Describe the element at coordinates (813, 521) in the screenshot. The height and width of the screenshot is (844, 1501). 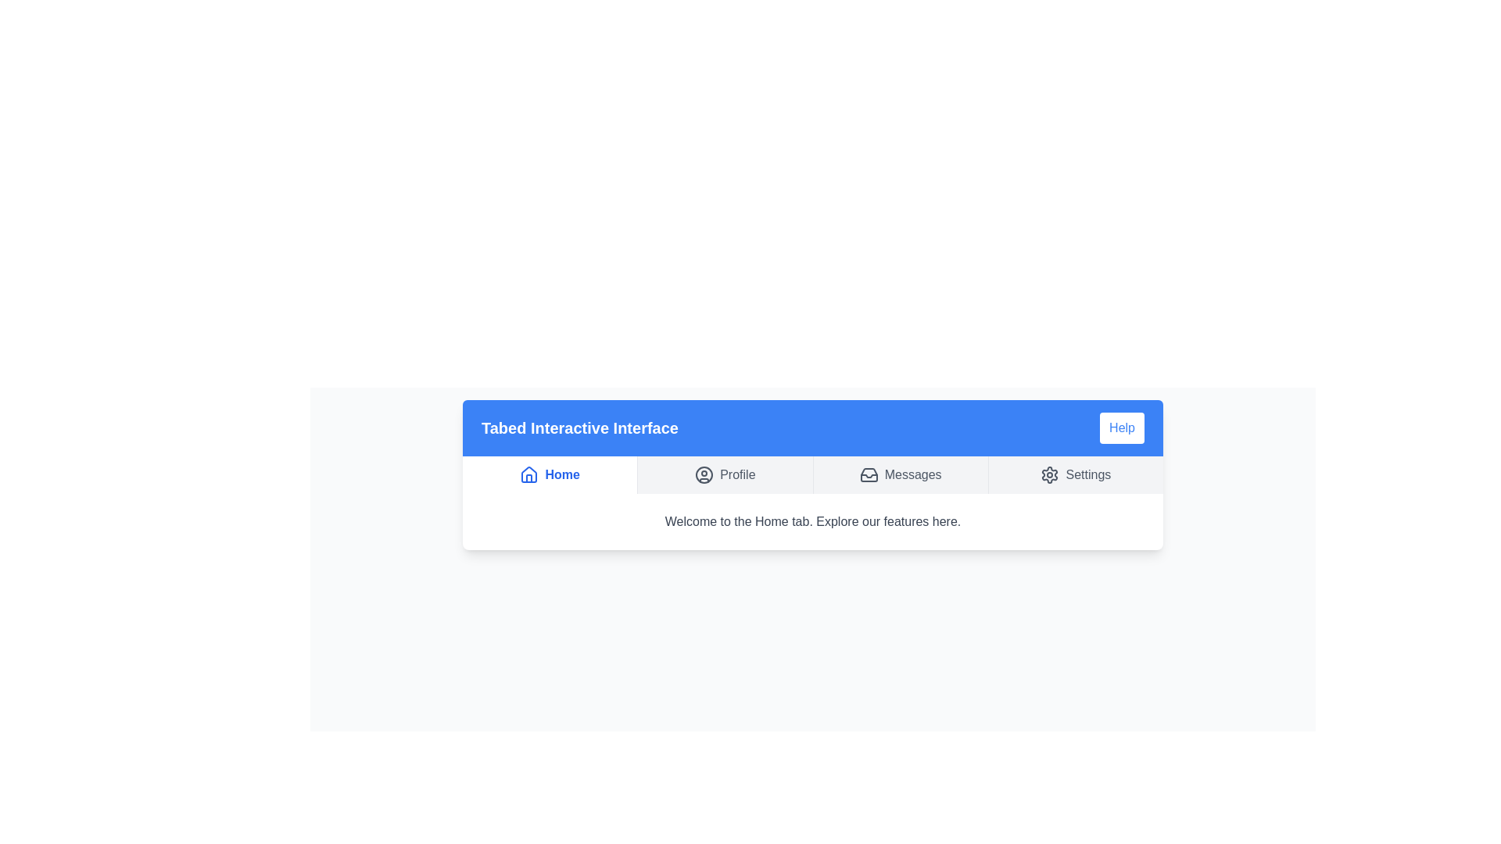
I see `the text block displaying the message 'Welcome to the Home tab. Explore our features here.' which is located in the bottom section beneath the navigation tabs` at that location.